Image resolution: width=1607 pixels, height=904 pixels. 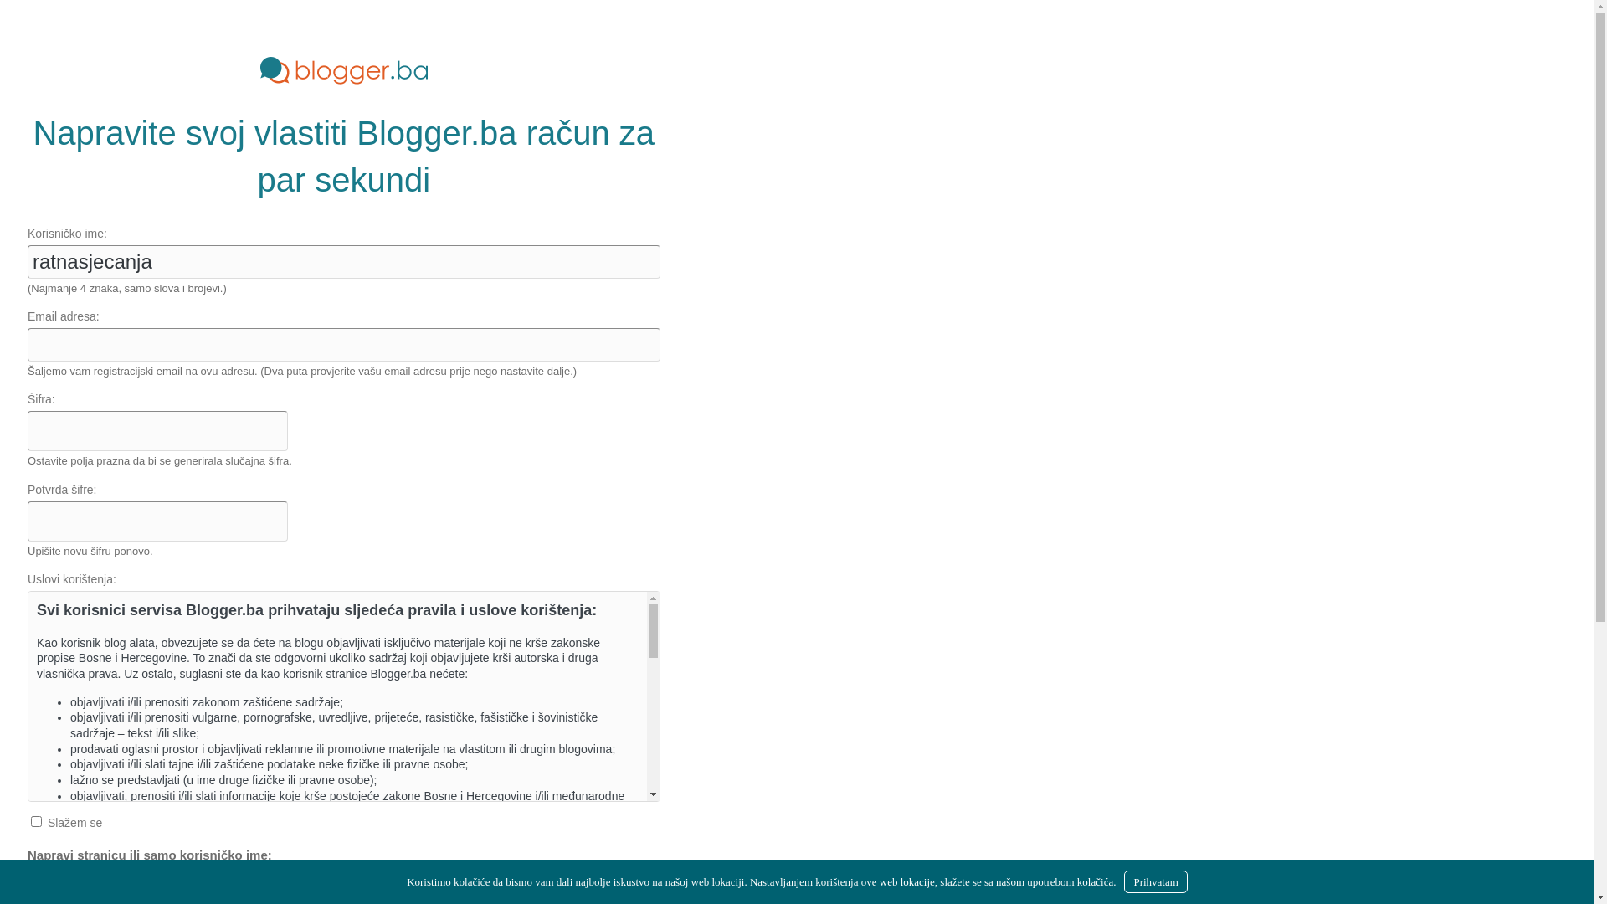 I want to click on 'Prihvatam', so click(x=1154, y=881).